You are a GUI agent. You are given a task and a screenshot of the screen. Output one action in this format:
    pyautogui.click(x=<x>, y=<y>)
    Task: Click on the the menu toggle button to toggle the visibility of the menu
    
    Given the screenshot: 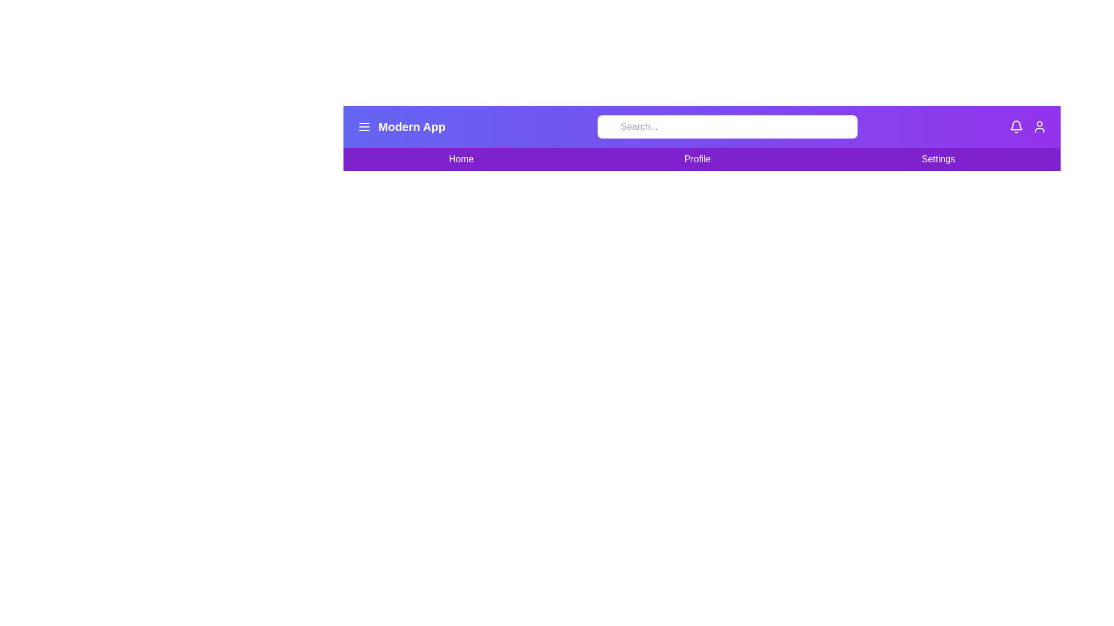 What is the action you would take?
    pyautogui.click(x=364, y=127)
    